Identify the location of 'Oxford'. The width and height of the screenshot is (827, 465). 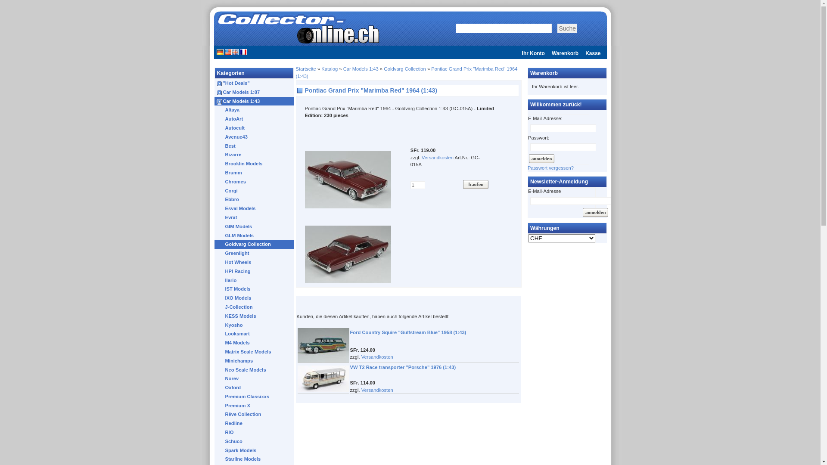
(255, 387).